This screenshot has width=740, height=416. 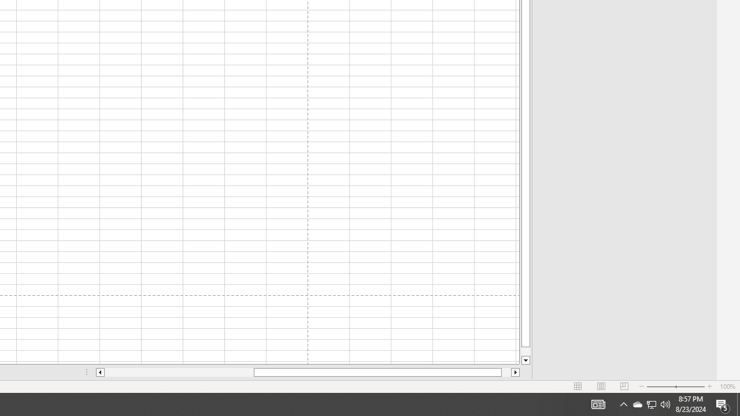 I want to click on 'Page right', so click(x=506, y=372).